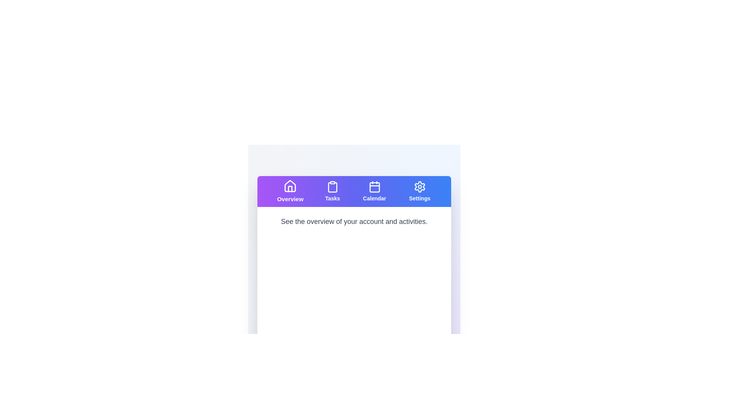 The image size is (741, 417). Describe the element at coordinates (289, 191) in the screenshot. I see `the 'Overview' button, which is the first button from the left in the horizontal navigation bar, featuring a purple to blue gradient background and a white house icon with bold white text` at that location.